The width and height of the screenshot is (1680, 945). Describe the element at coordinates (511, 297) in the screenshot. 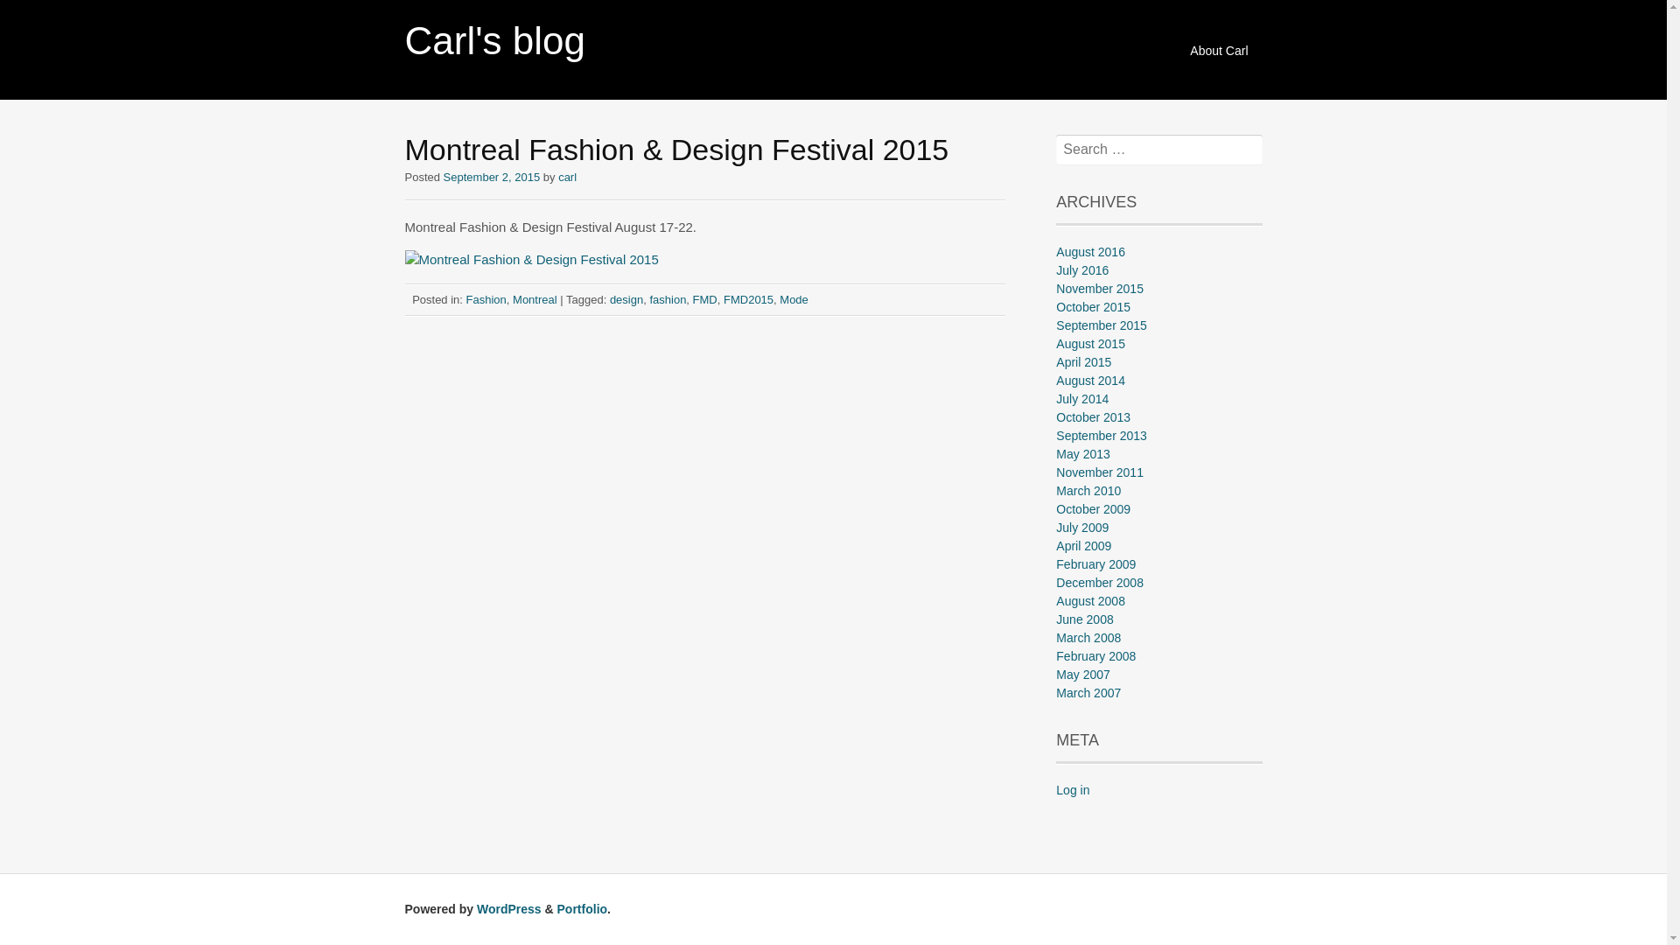

I see `'Montreal'` at that location.